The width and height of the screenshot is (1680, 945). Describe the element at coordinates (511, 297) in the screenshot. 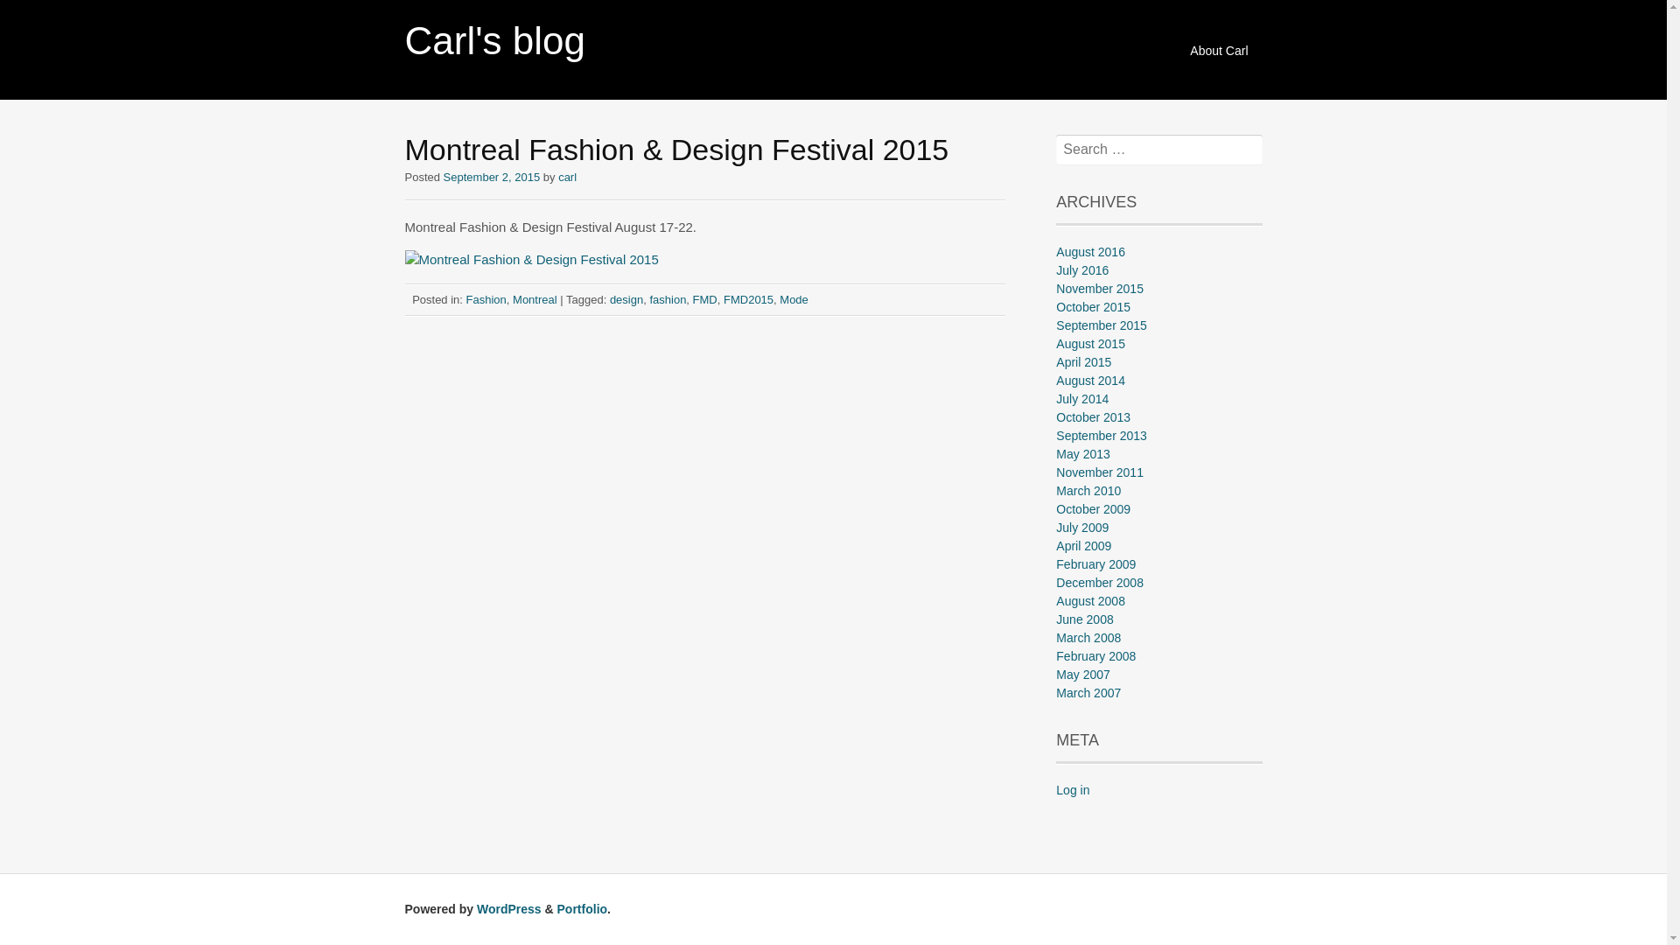

I see `'Montreal'` at that location.